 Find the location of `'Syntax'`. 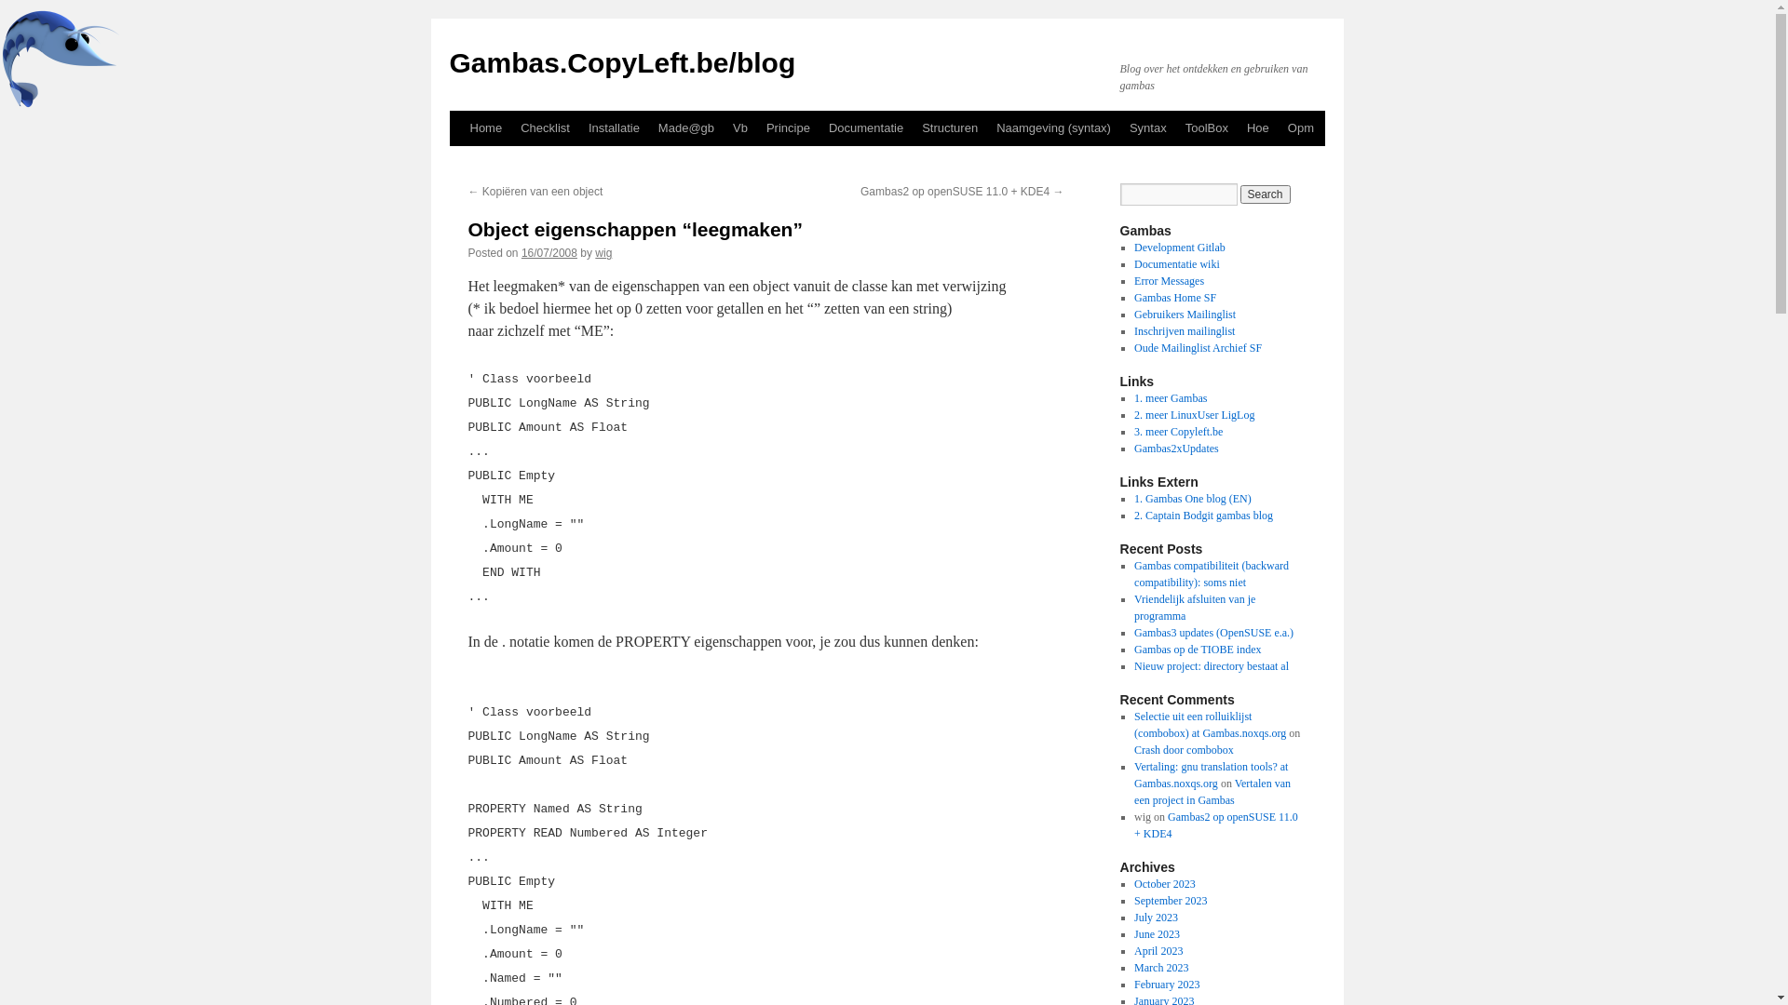

'Syntax' is located at coordinates (1147, 127).